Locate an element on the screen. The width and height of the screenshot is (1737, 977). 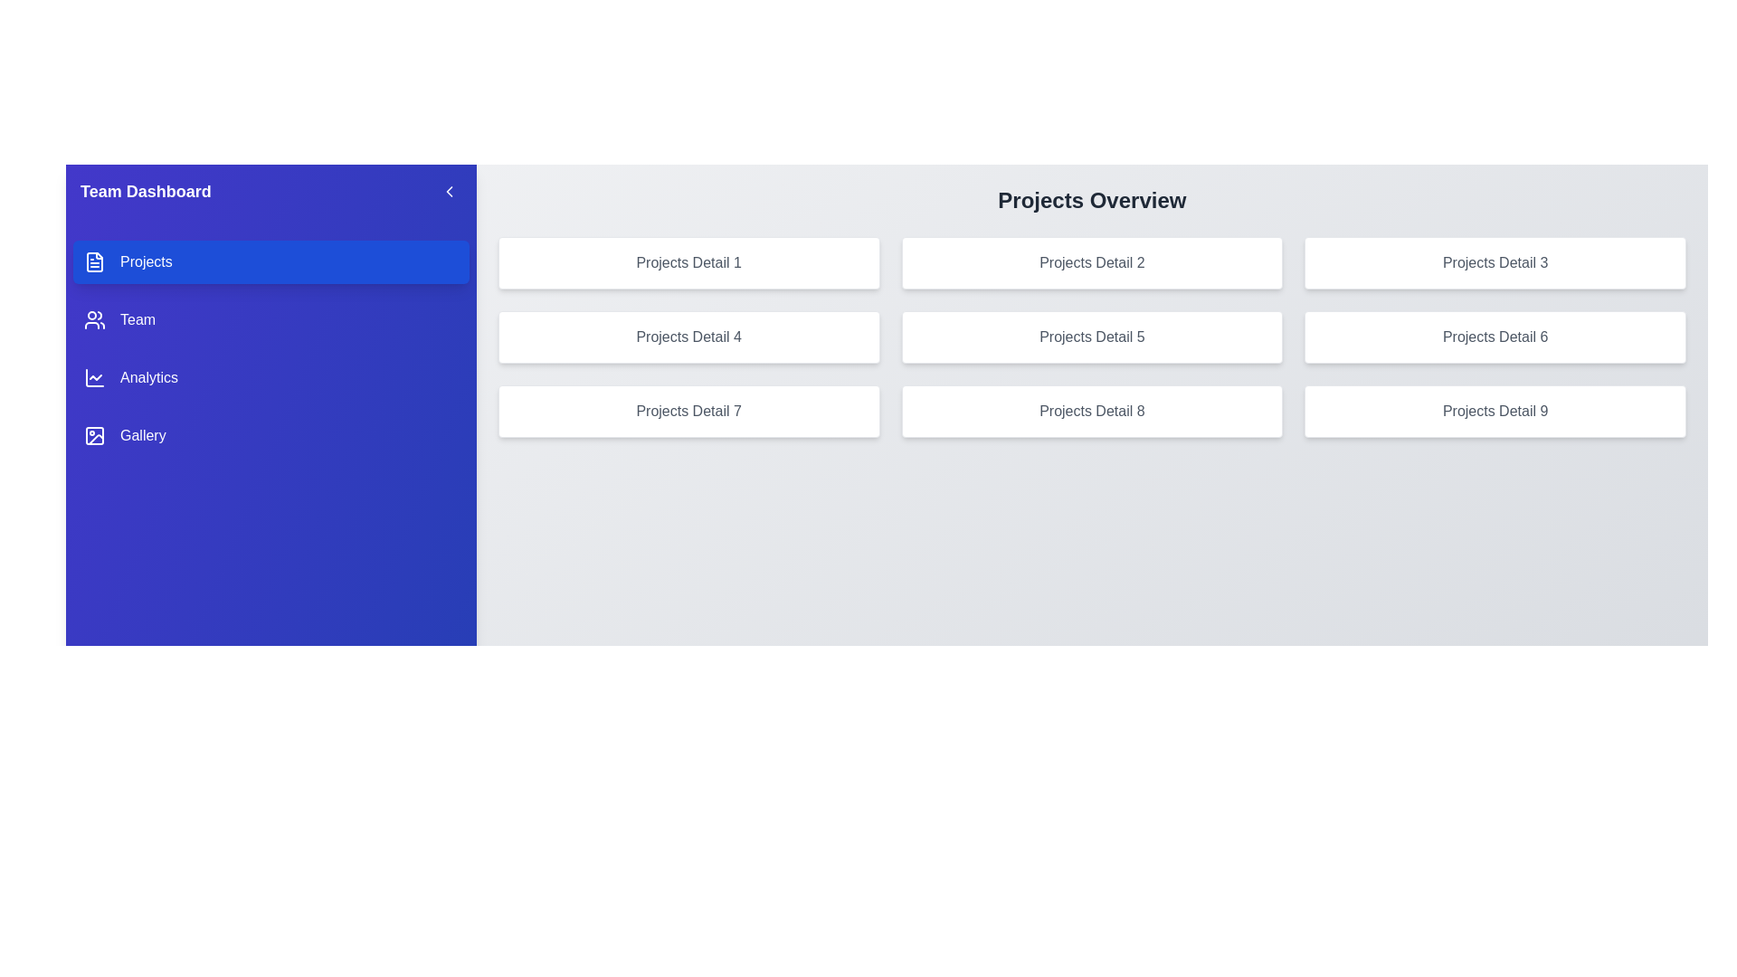
the arrow button to toggle the sidebar visibility is located at coordinates (449, 192).